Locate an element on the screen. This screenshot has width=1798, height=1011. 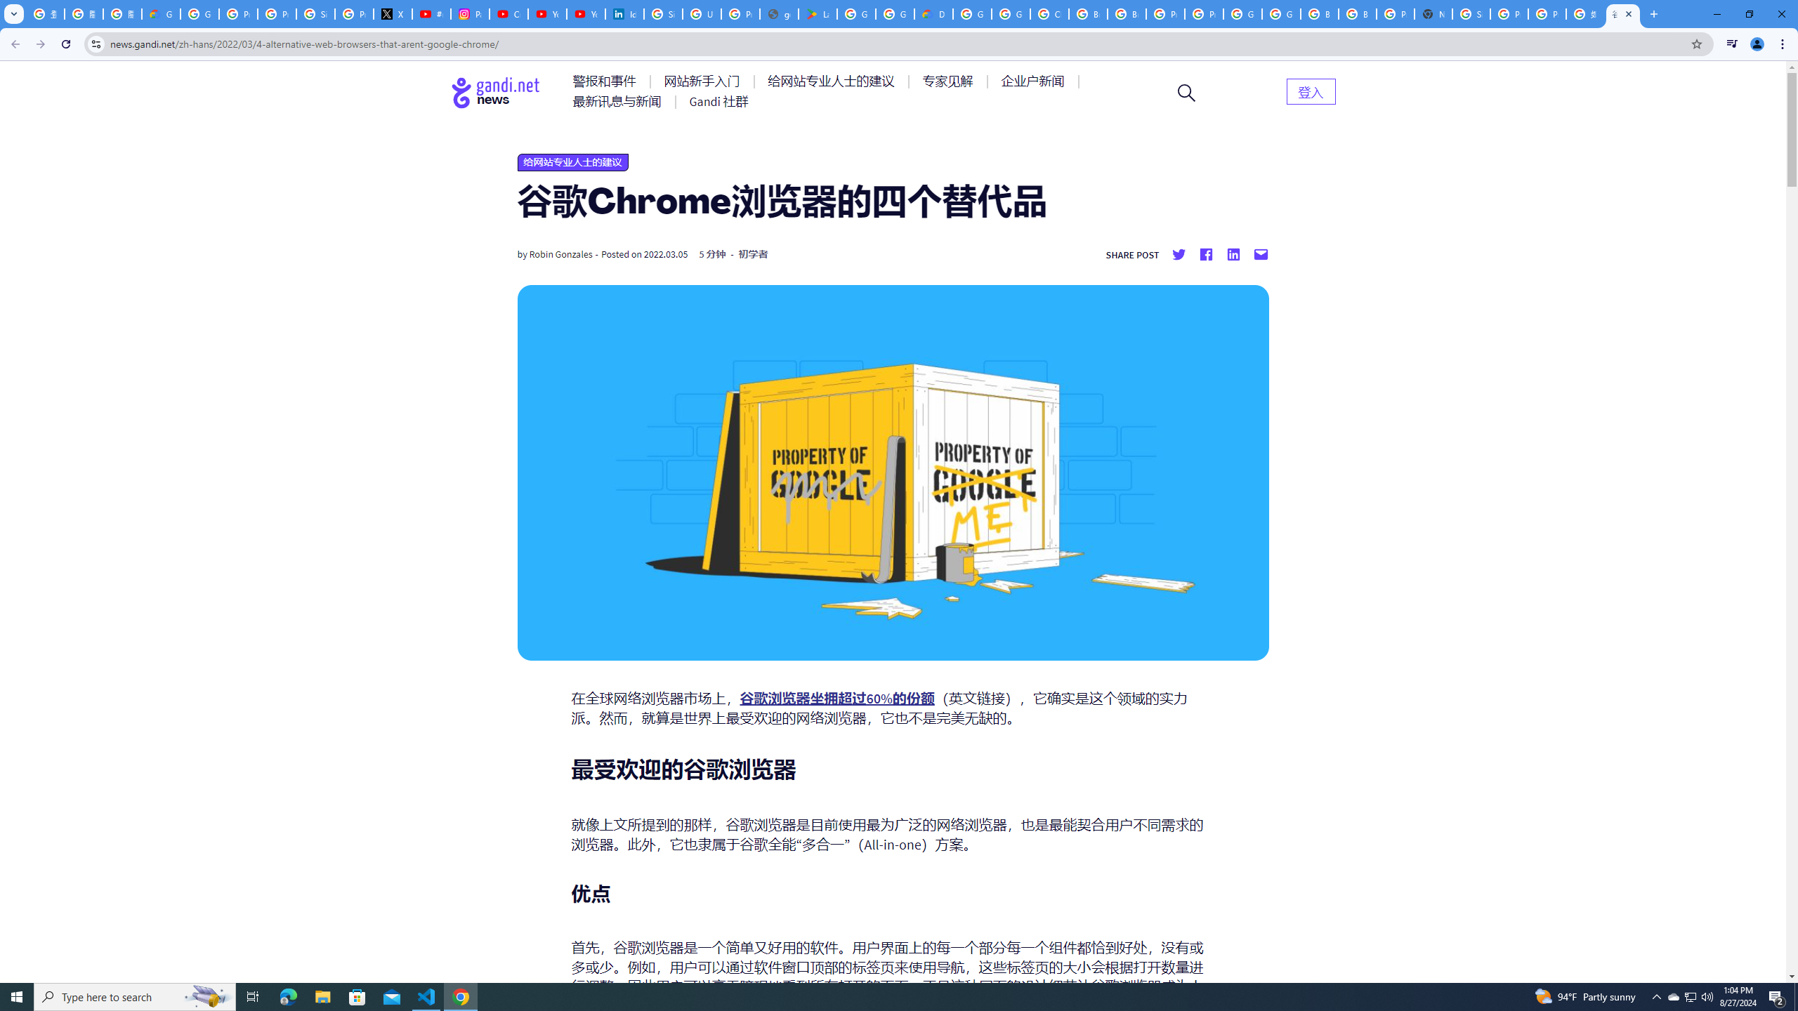
'AutomationID: menu-item-77765' is located at coordinates (1035, 80).